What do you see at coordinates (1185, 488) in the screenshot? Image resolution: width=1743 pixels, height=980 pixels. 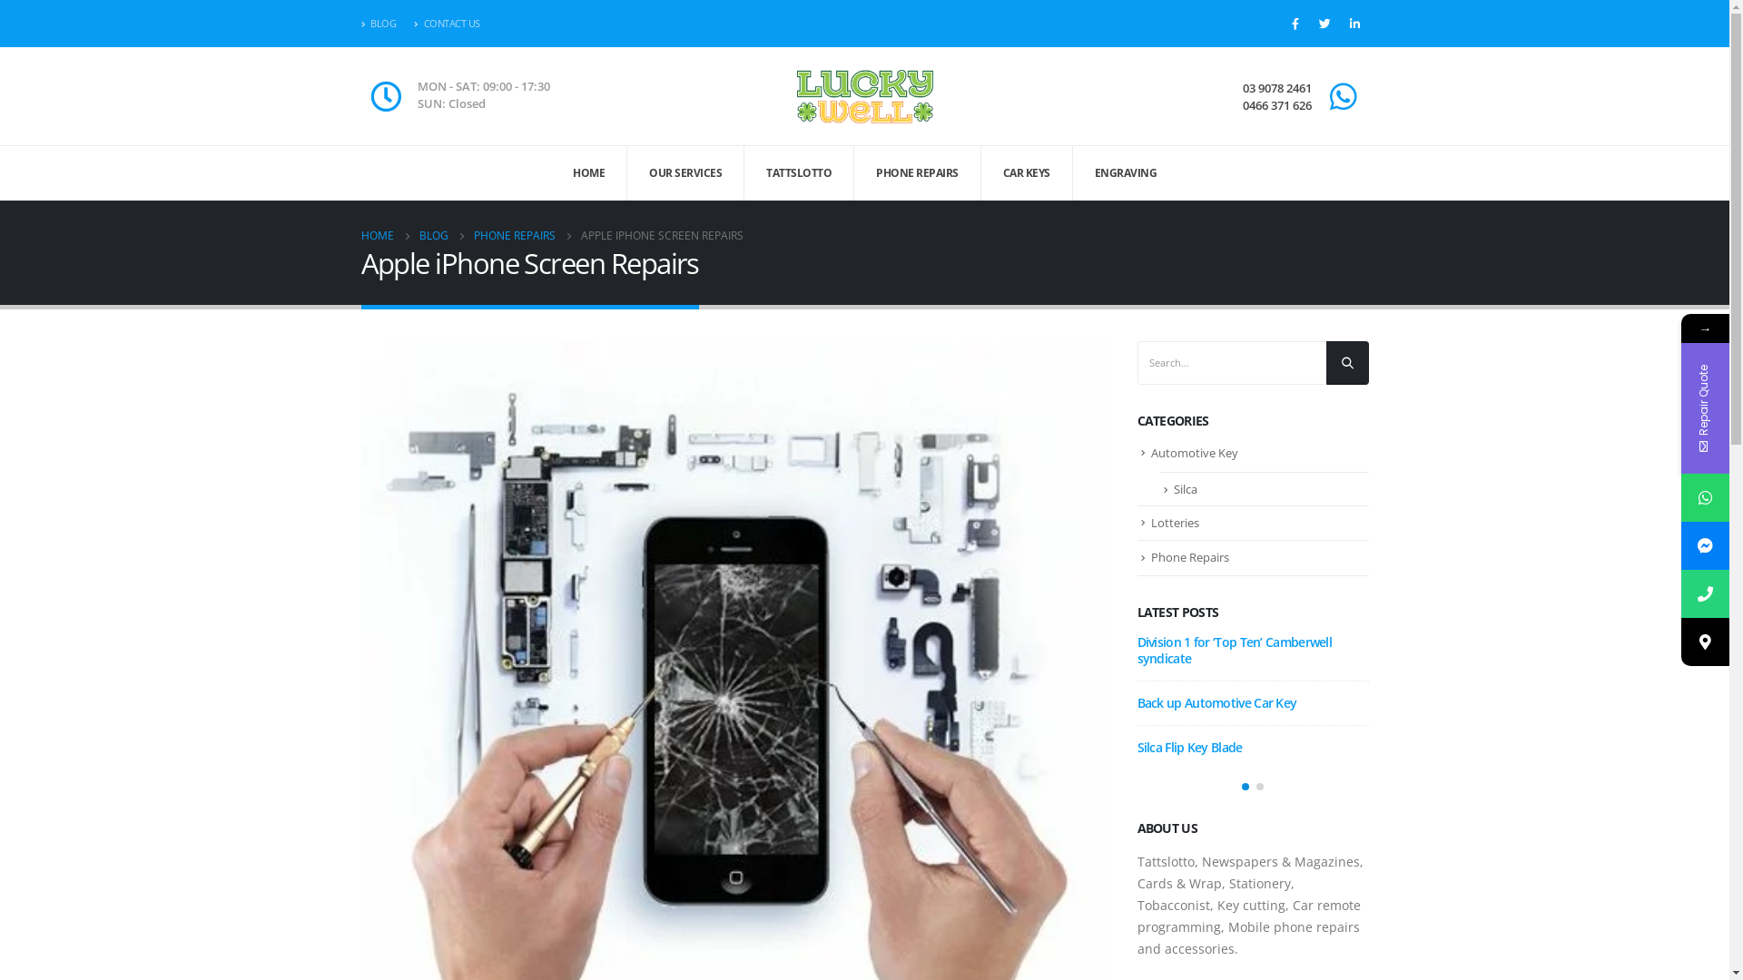 I see `'Silca'` at bounding box center [1185, 488].